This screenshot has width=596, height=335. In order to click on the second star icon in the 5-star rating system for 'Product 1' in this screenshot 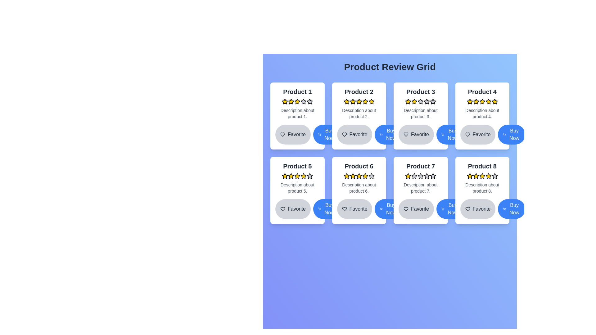, I will do `click(297, 101)`.